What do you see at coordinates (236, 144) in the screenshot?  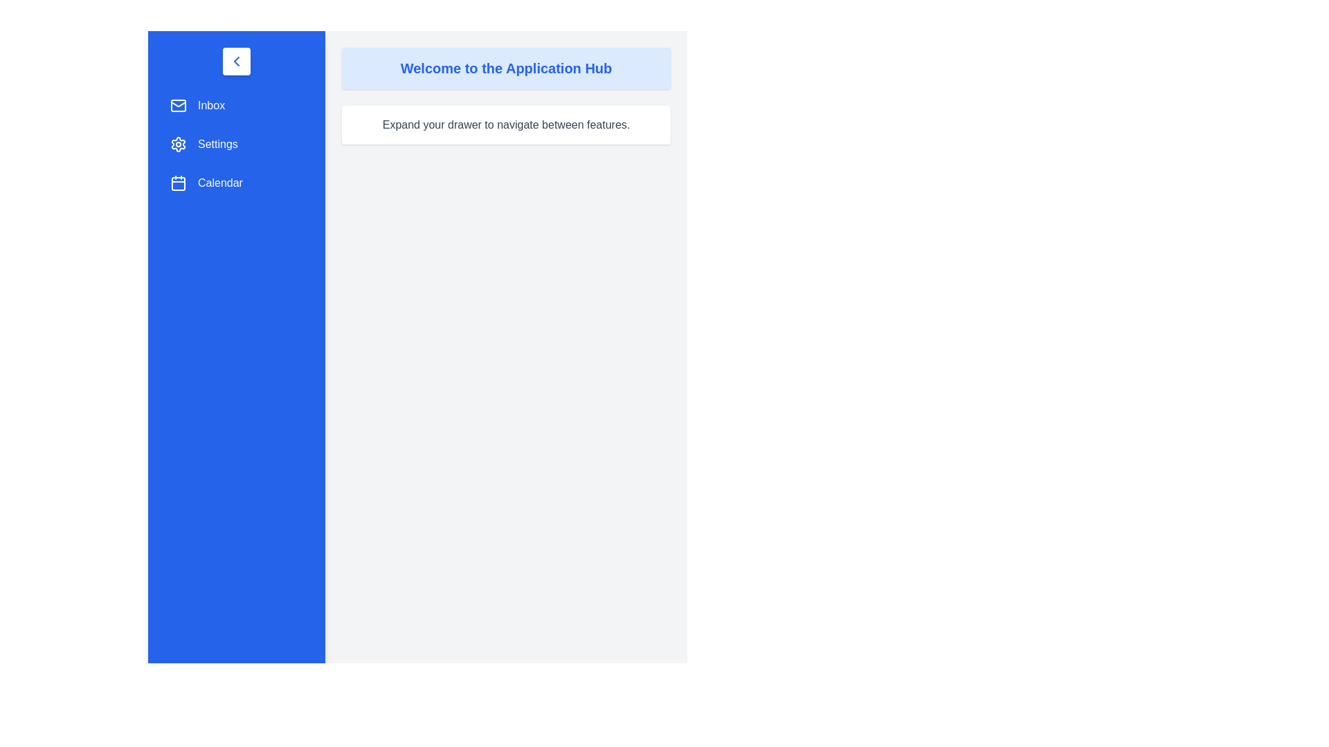 I see `the menu item Settings from the sidebar` at bounding box center [236, 144].